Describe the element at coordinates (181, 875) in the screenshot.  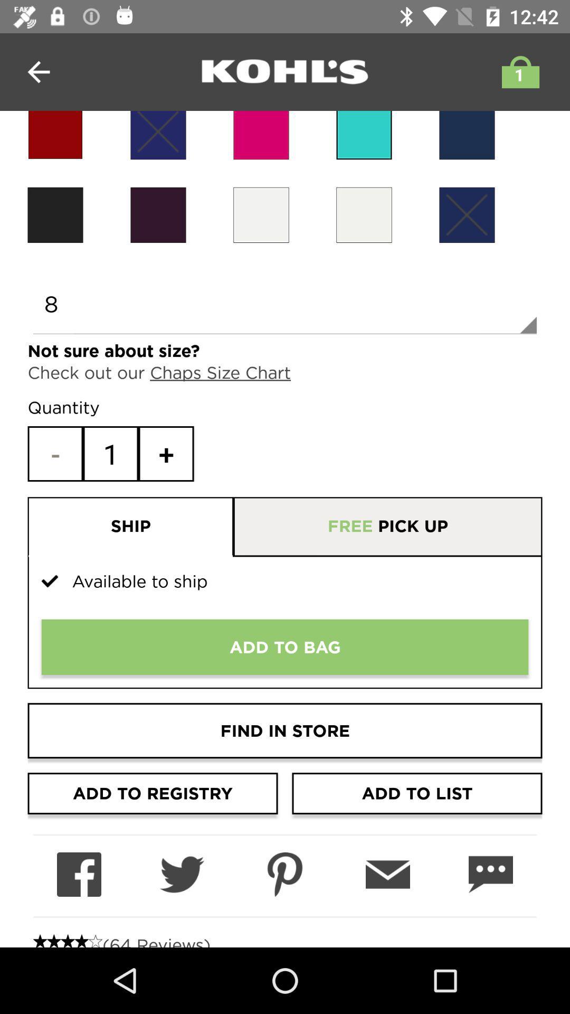
I see `the twitter icon` at that location.